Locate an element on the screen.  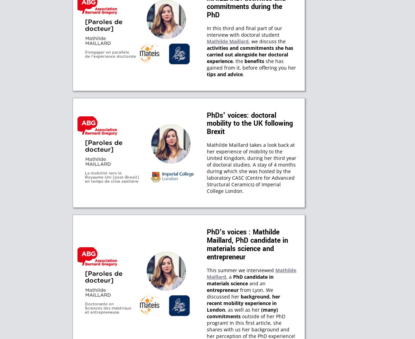
'.' is located at coordinates (243, 74).